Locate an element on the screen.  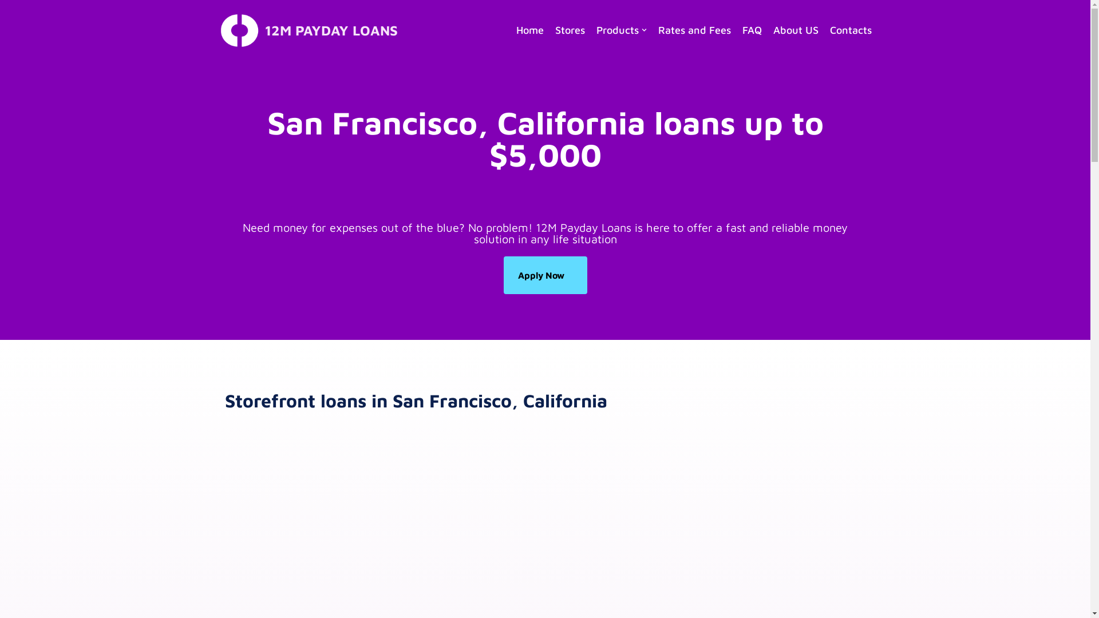
'Rates and Fees' is located at coordinates (694, 30).